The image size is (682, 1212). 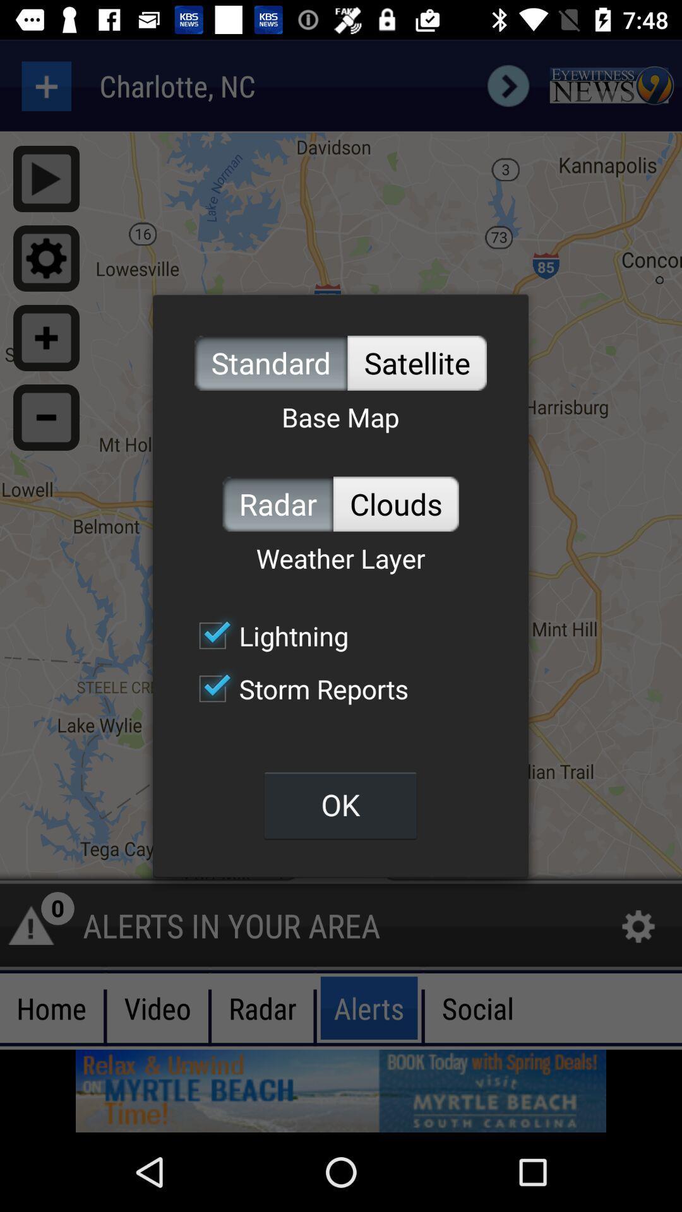 What do you see at coordinates (297, 688) in the screenshot?
I see `the icon above the ok icon` at bounding box center [297, 688].